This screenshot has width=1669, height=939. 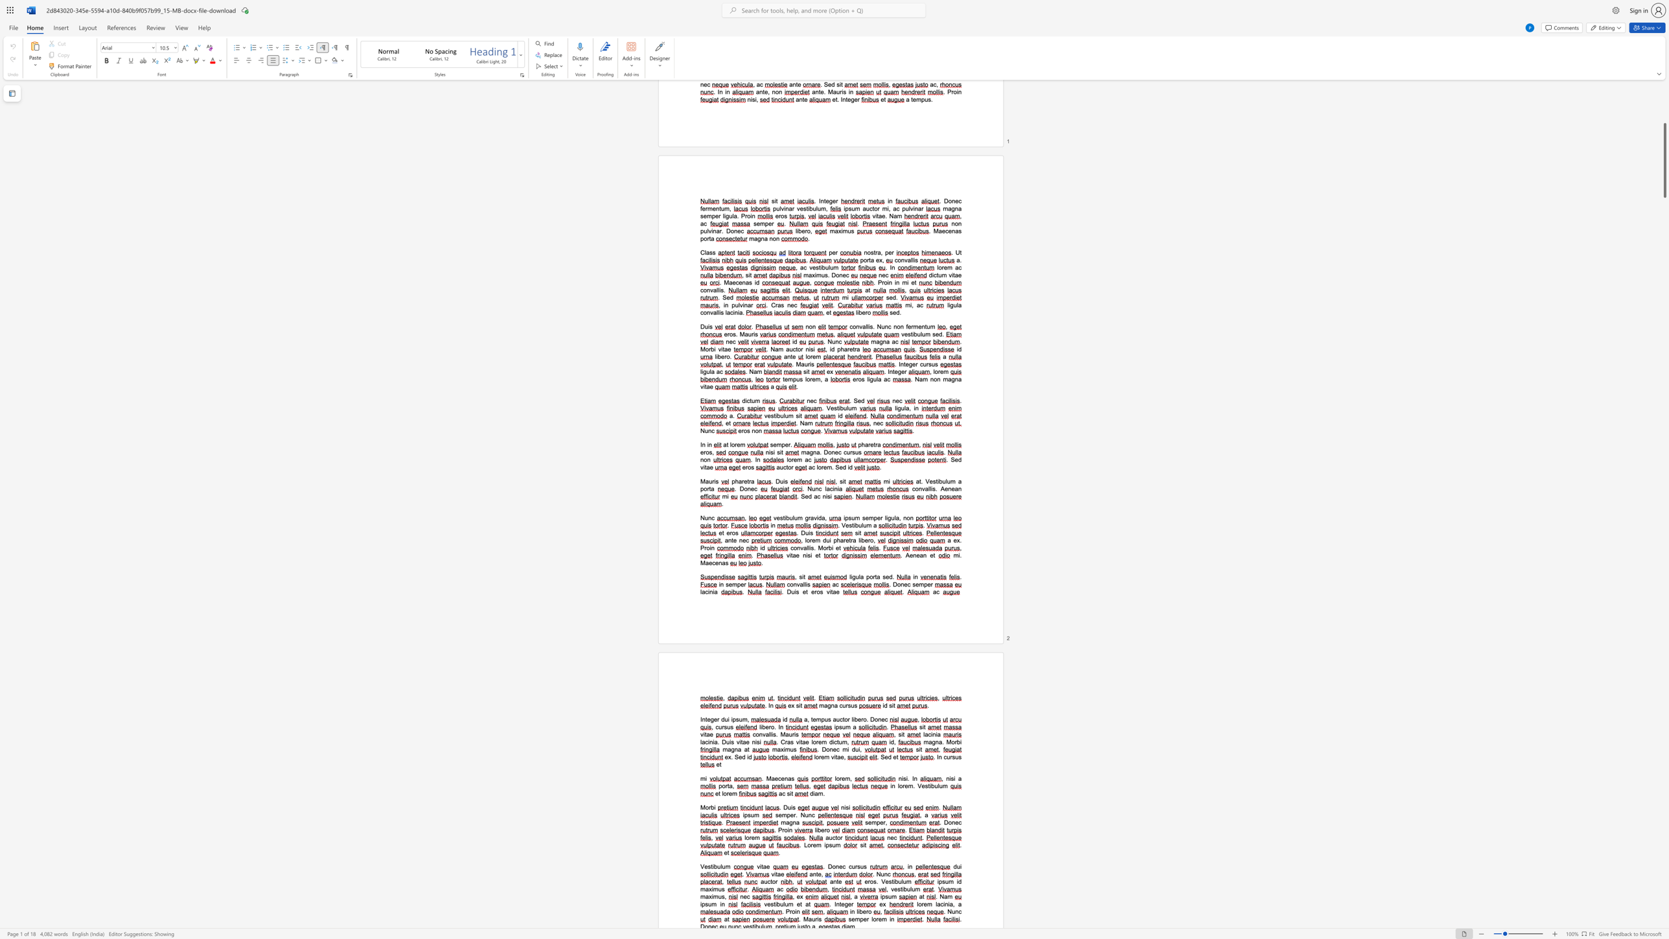 I want to click on the space between the continuous character "s" and "e" in the text, so click(x=728, y=585).